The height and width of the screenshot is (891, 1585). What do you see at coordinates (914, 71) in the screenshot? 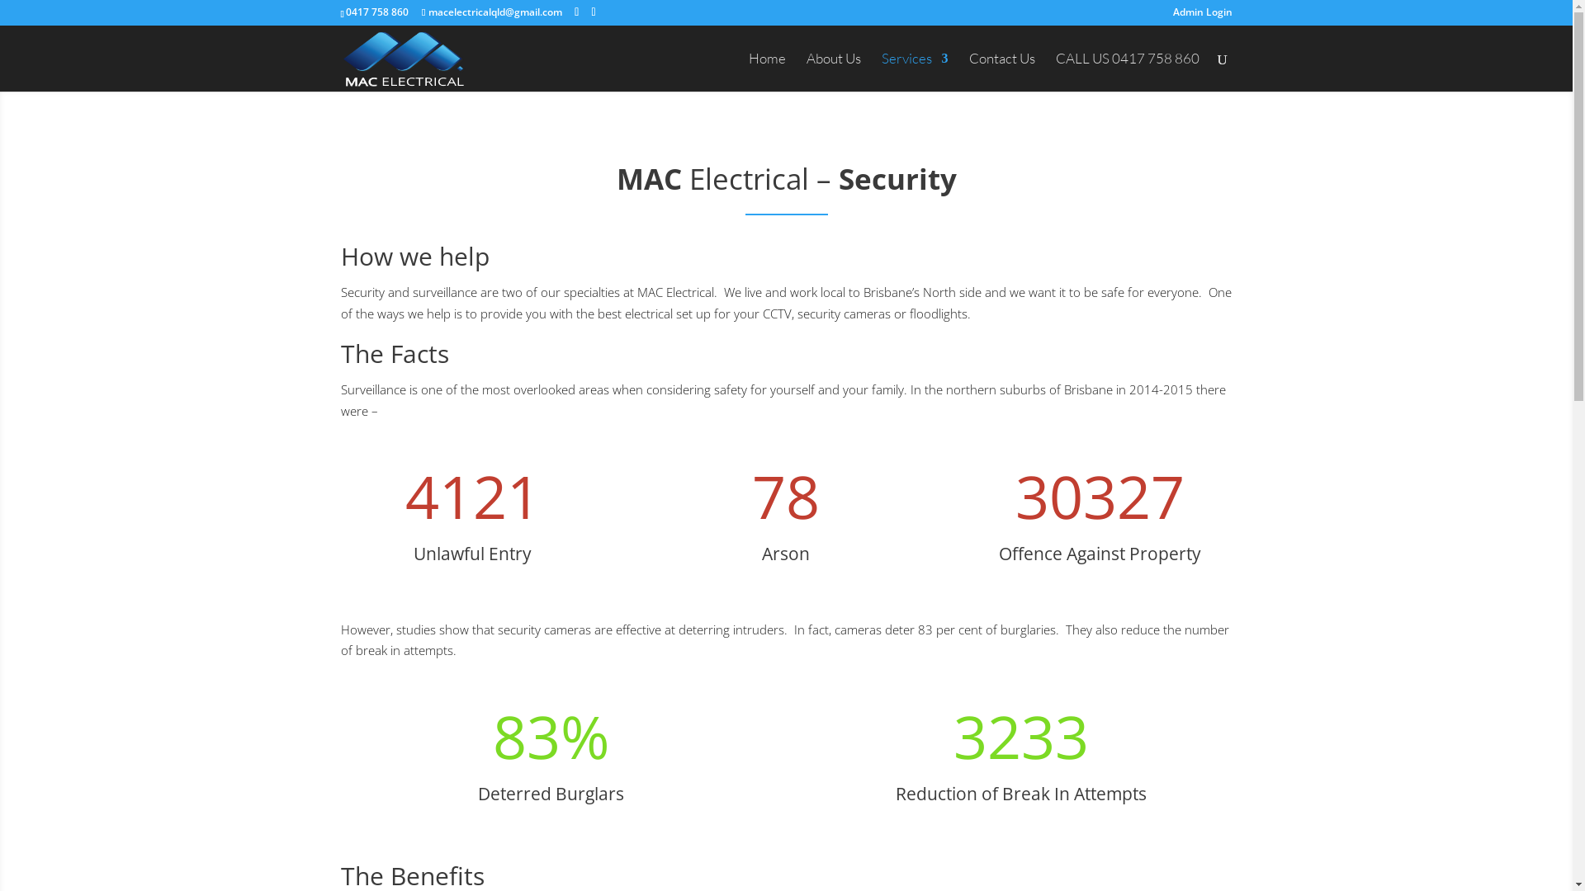
I see `'Services'` at bounding box center [914, 71].